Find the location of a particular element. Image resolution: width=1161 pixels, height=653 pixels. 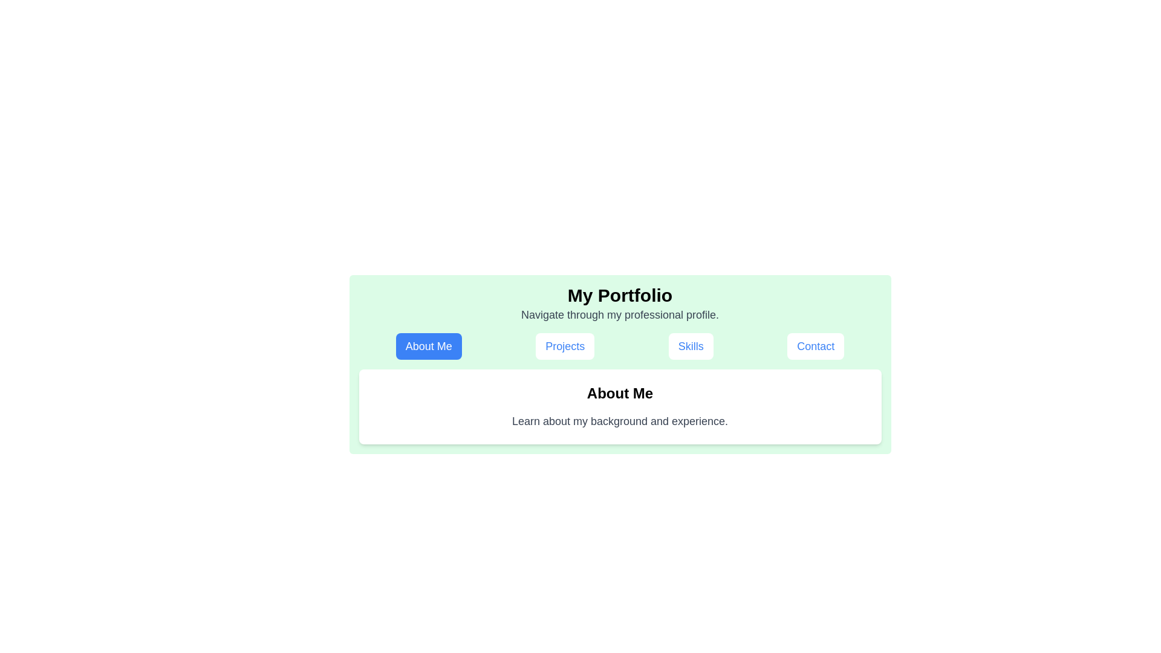

the tab labeled About Me to observe its hover effect is located at coordinates (429, 346).